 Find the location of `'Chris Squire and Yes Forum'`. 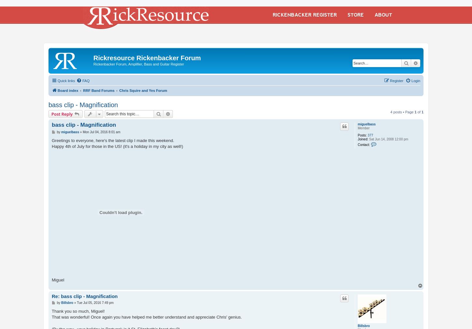

'Chris Squire and Yes Forum' is located at coordinates (143, 90).